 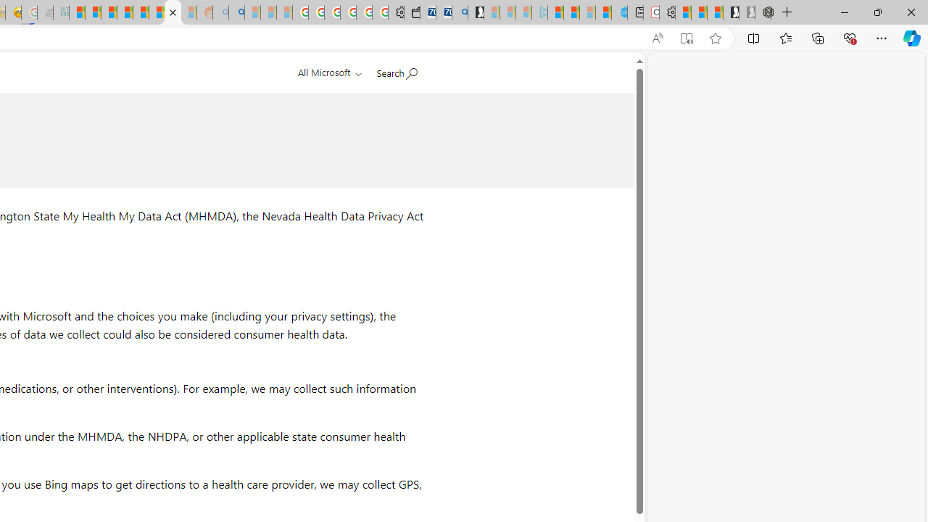 What do you see at coordinates (397, 70) in the screenshot?
I see `'Search Microsoft.com'` at bounding box center [397, 70].